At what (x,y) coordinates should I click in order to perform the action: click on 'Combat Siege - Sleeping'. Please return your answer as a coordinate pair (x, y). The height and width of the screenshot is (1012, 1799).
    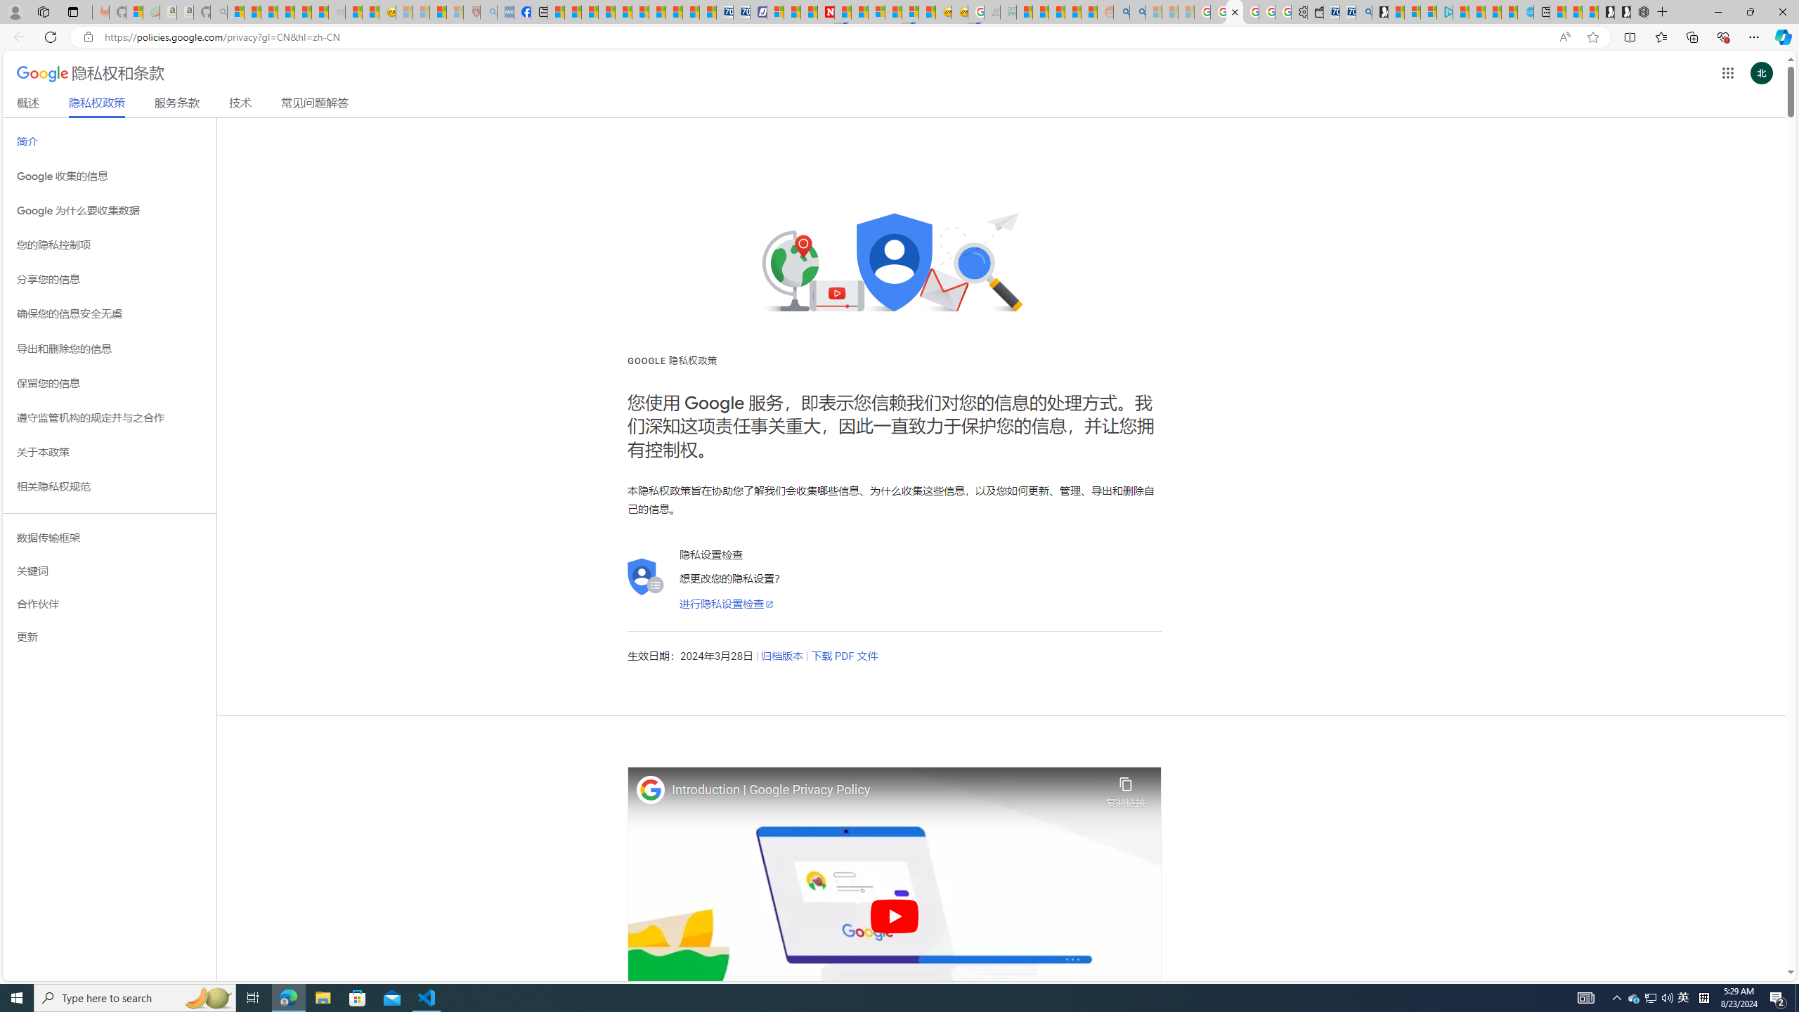
    Looking at the image, I should click on (335, 11).